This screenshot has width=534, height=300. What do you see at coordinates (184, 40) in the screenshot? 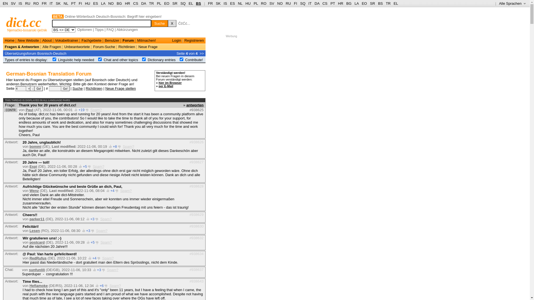
I see `'Registrieren'` at bounding box center [184, 40].